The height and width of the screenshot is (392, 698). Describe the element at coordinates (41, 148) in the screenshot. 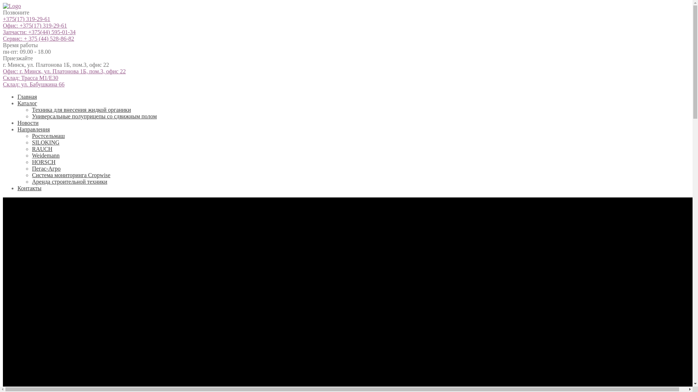

I see `'RAUCH'` at that location.